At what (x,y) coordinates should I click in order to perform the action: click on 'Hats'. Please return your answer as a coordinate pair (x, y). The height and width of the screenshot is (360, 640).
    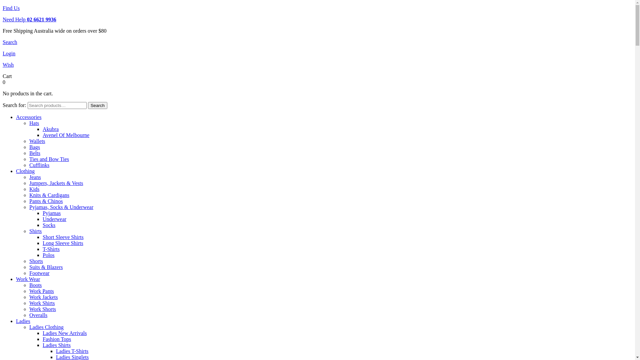
    Looking at the image, I should click on (34, 123).